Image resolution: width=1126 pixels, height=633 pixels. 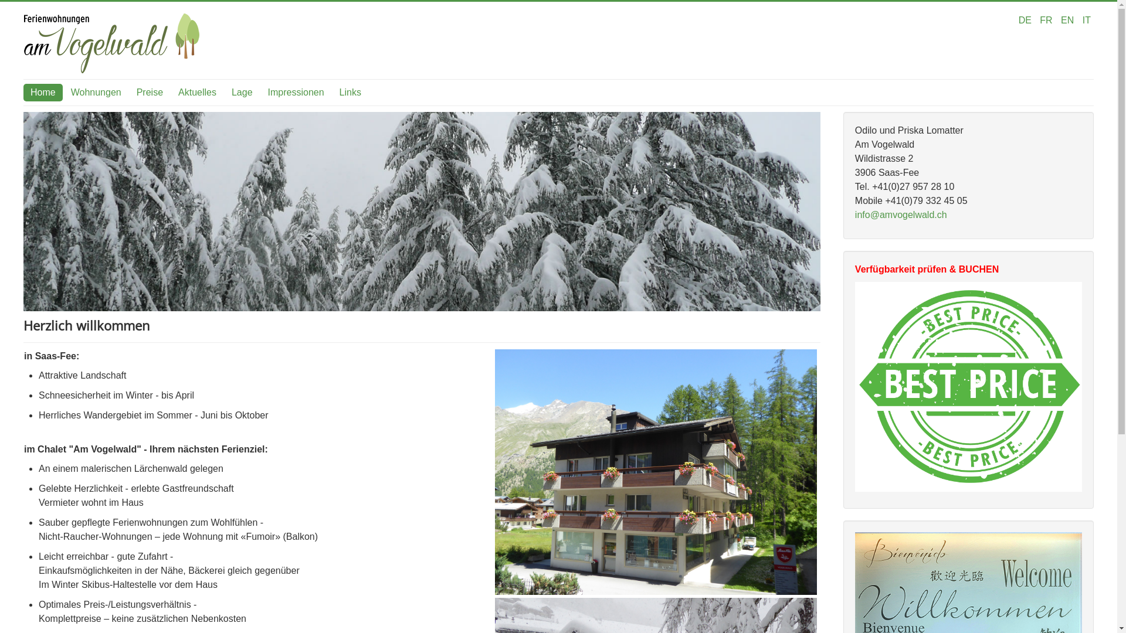 What do you see at coordinates (1086, 20) in the screenshot?
I see `'IT'` at bounding box center [1086, 20].